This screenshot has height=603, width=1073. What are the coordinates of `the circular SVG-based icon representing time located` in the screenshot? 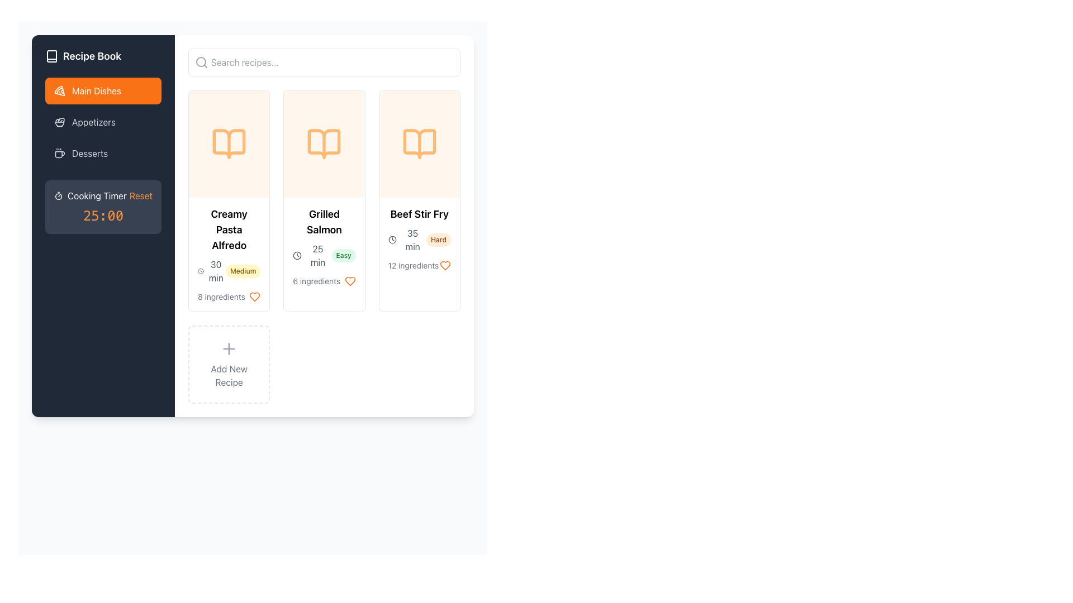 It's located at (297, 256).